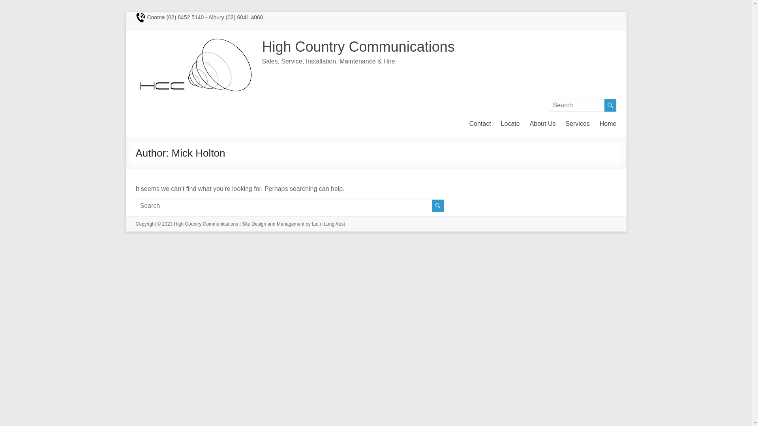  Describe the element at coordinates (542, 123) in the screenshot. I see `'About Us'` at that location.